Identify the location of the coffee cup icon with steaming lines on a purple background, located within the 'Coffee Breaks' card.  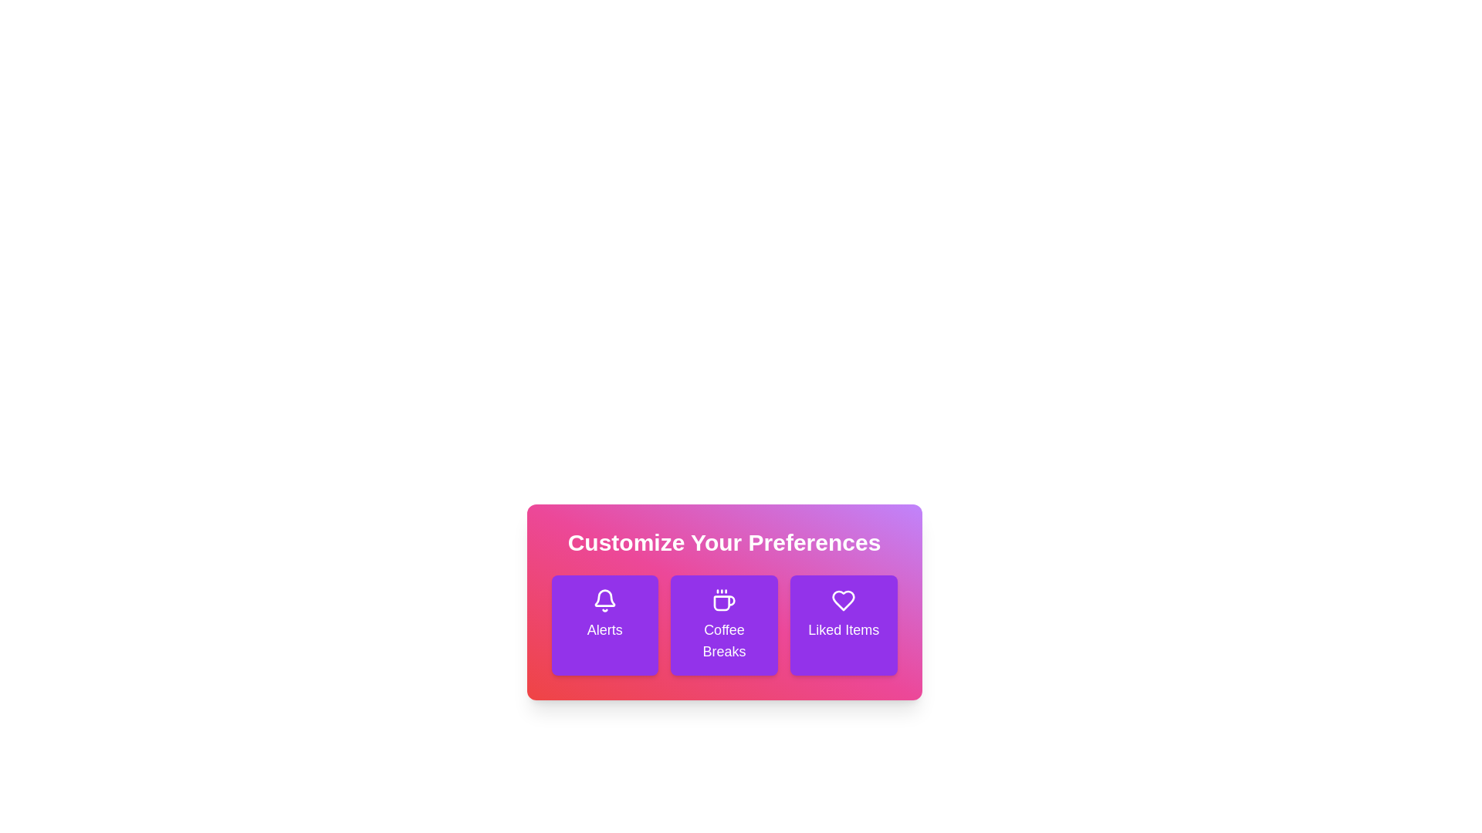
(723, 600).